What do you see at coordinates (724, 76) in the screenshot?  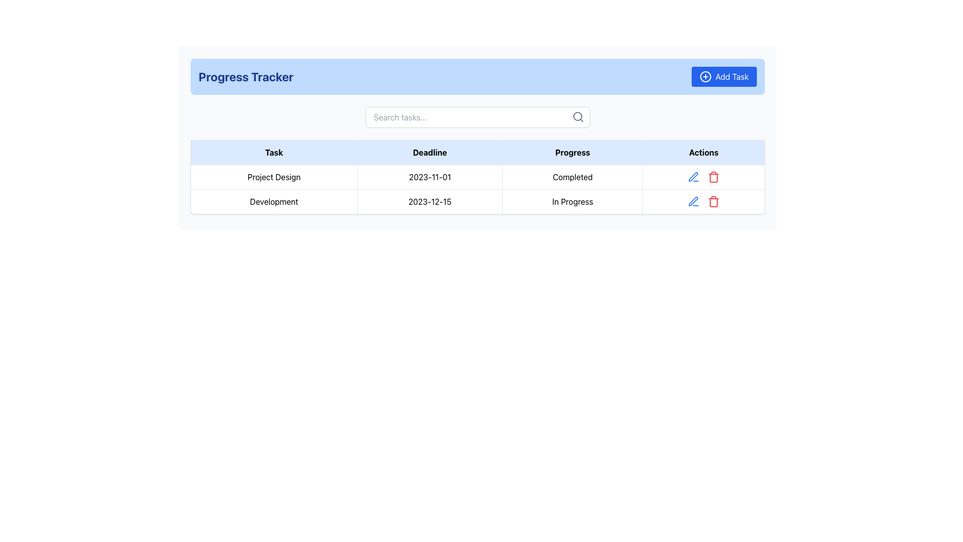 I see `the 'Add Task' button located in the top-right corner of the 'Progress Tracker' section` at bounding box center [724, 76].